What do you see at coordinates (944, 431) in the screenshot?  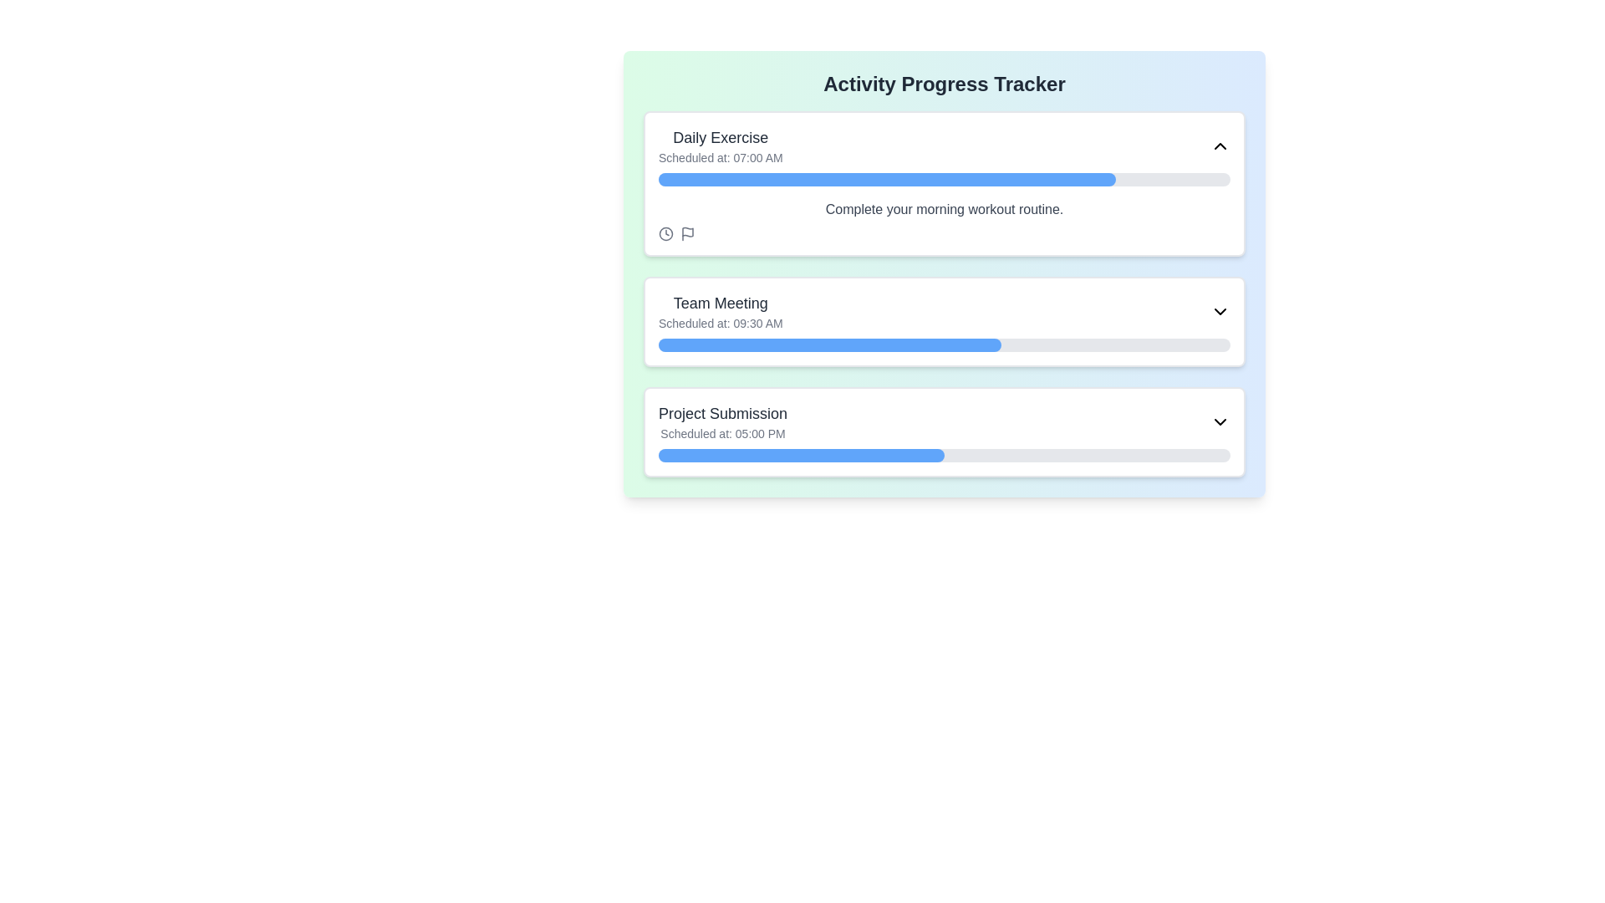 I see `any additional interactive elements in the task card labeled 'Project Submission' by expanding it` at bounding box center [944, 431].